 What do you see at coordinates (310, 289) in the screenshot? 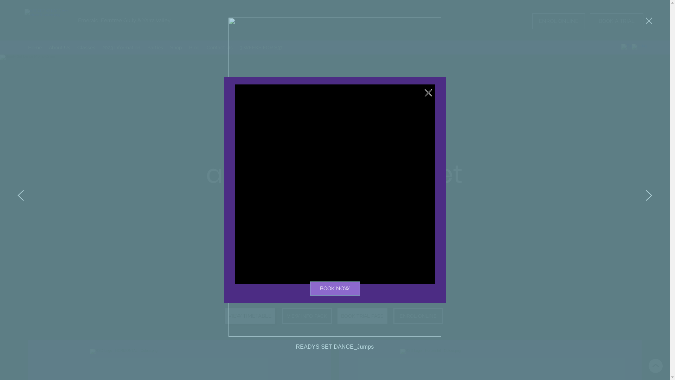
I see `'BOOK NOW'` at bounding box center [310, 289].